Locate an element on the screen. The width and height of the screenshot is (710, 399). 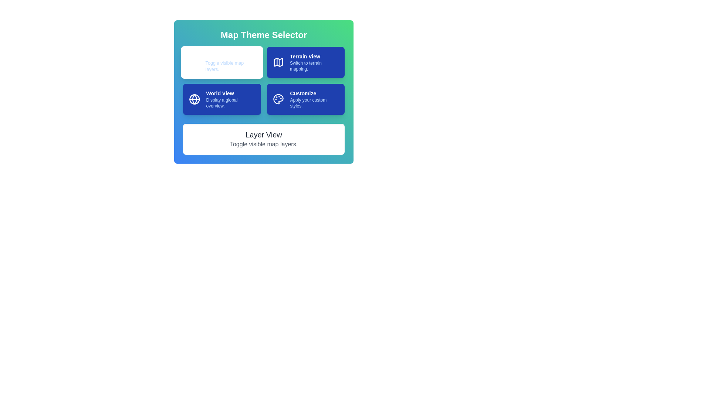
the text label styled in light blue font reading 'Display a global overview' located beneath the bold title 'World View' within a dark blue background section is located at coordinates (230, 103).